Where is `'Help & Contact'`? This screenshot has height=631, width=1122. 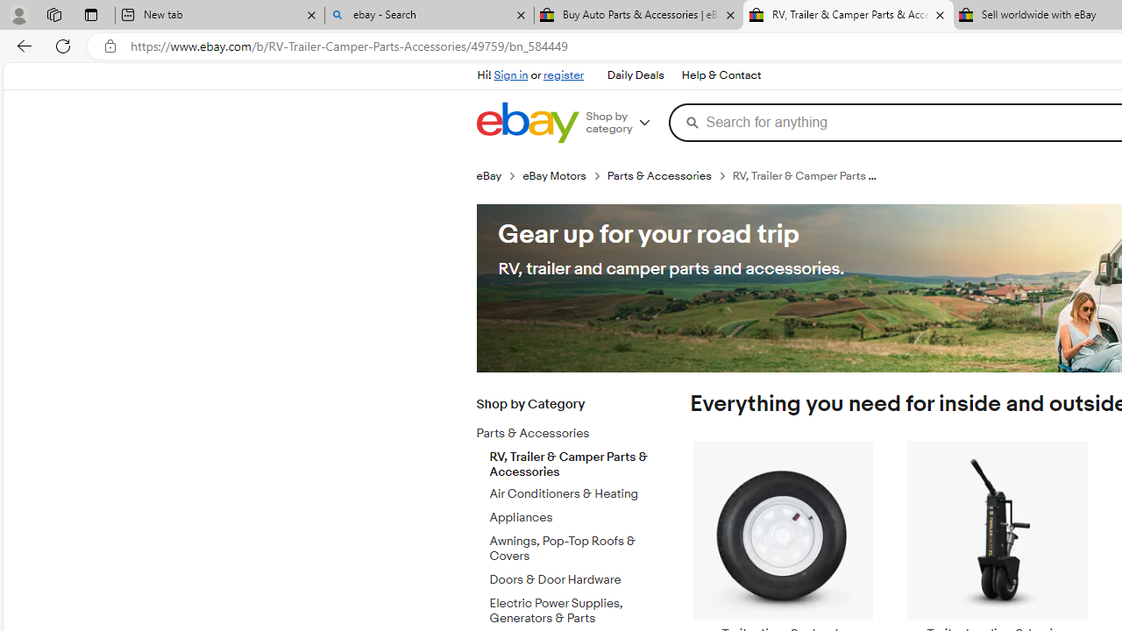 'Help & Contact' is located at coordinates (720, 74).